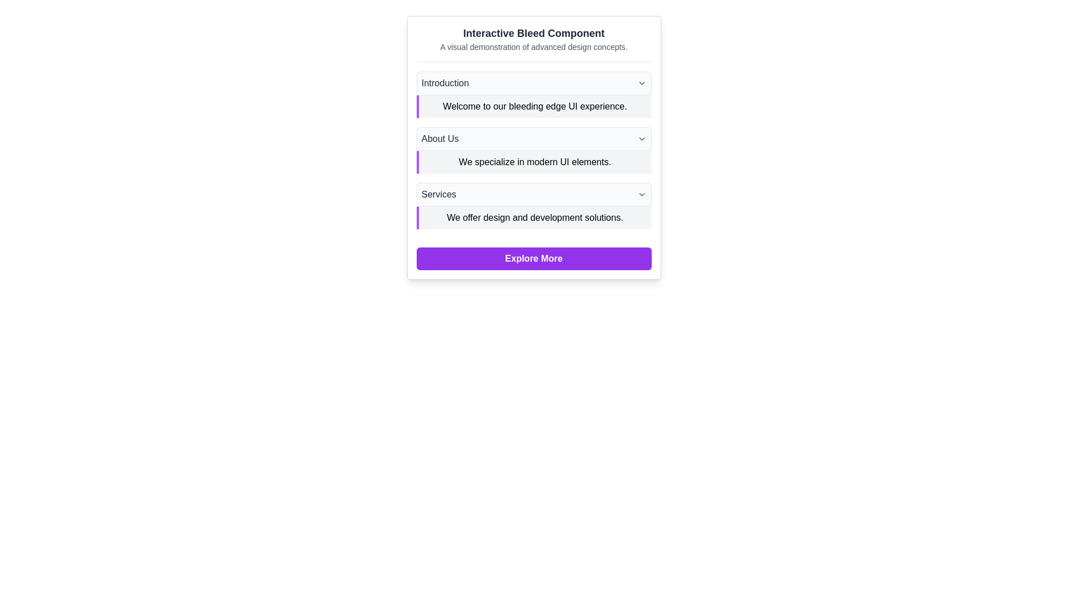 The height and width of the screenshot is (613, 1090). What do you see at coordinates (533, 218) in the screenshot?
I see `the static text block that provides descriptive information for the 'Services' section, positioned under the 'Services' heading` at bounding box center [533, 218].